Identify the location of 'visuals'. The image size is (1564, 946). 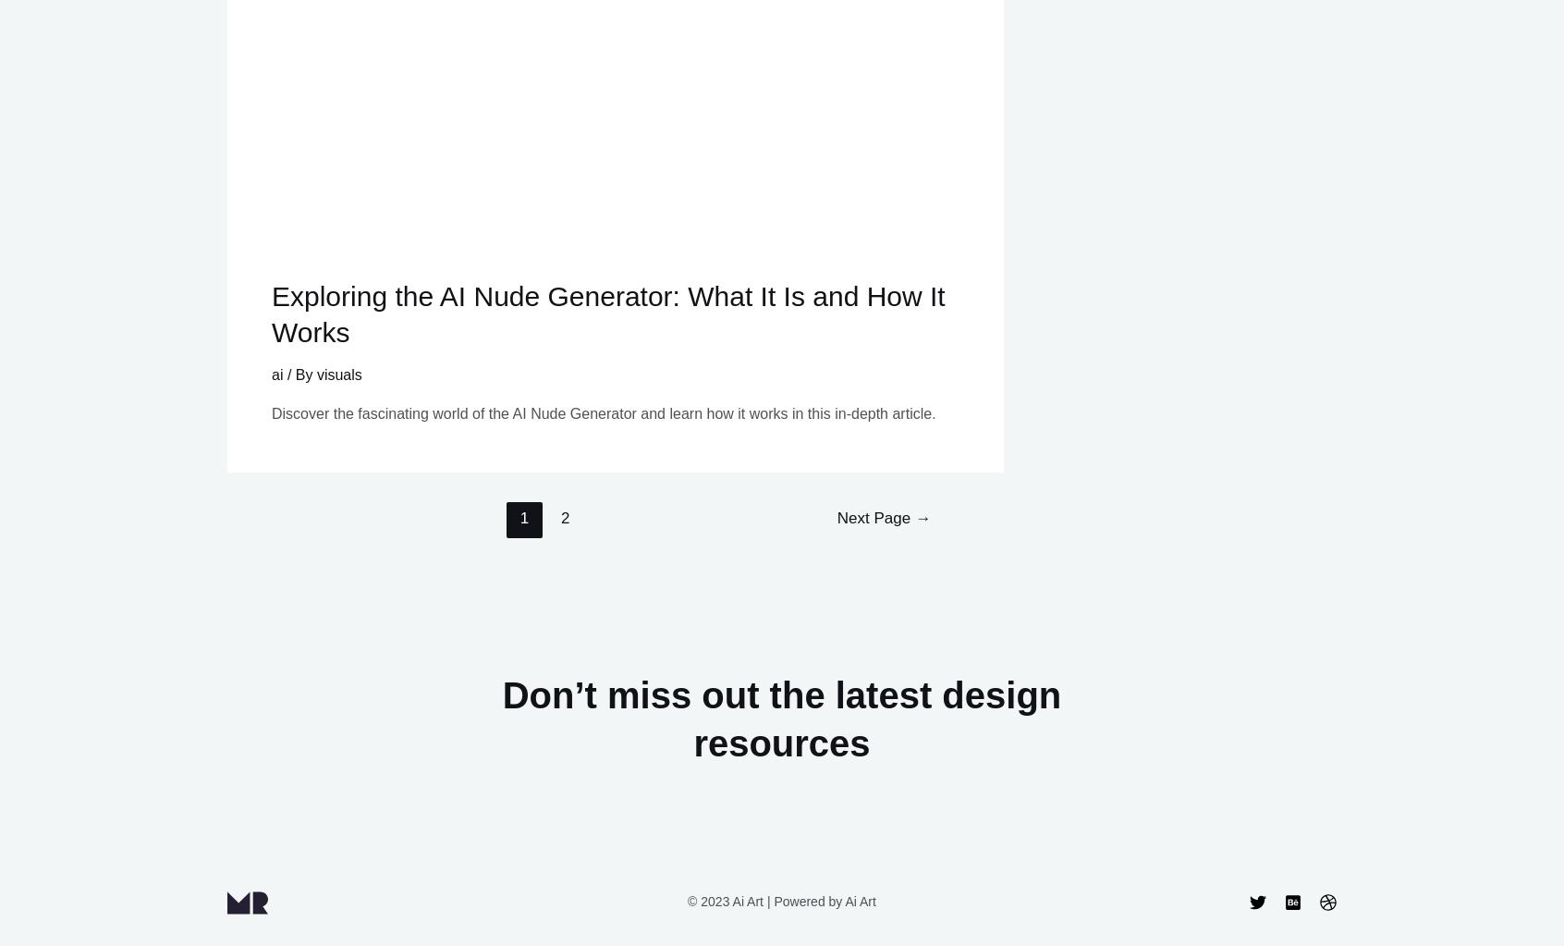
(314, 374).